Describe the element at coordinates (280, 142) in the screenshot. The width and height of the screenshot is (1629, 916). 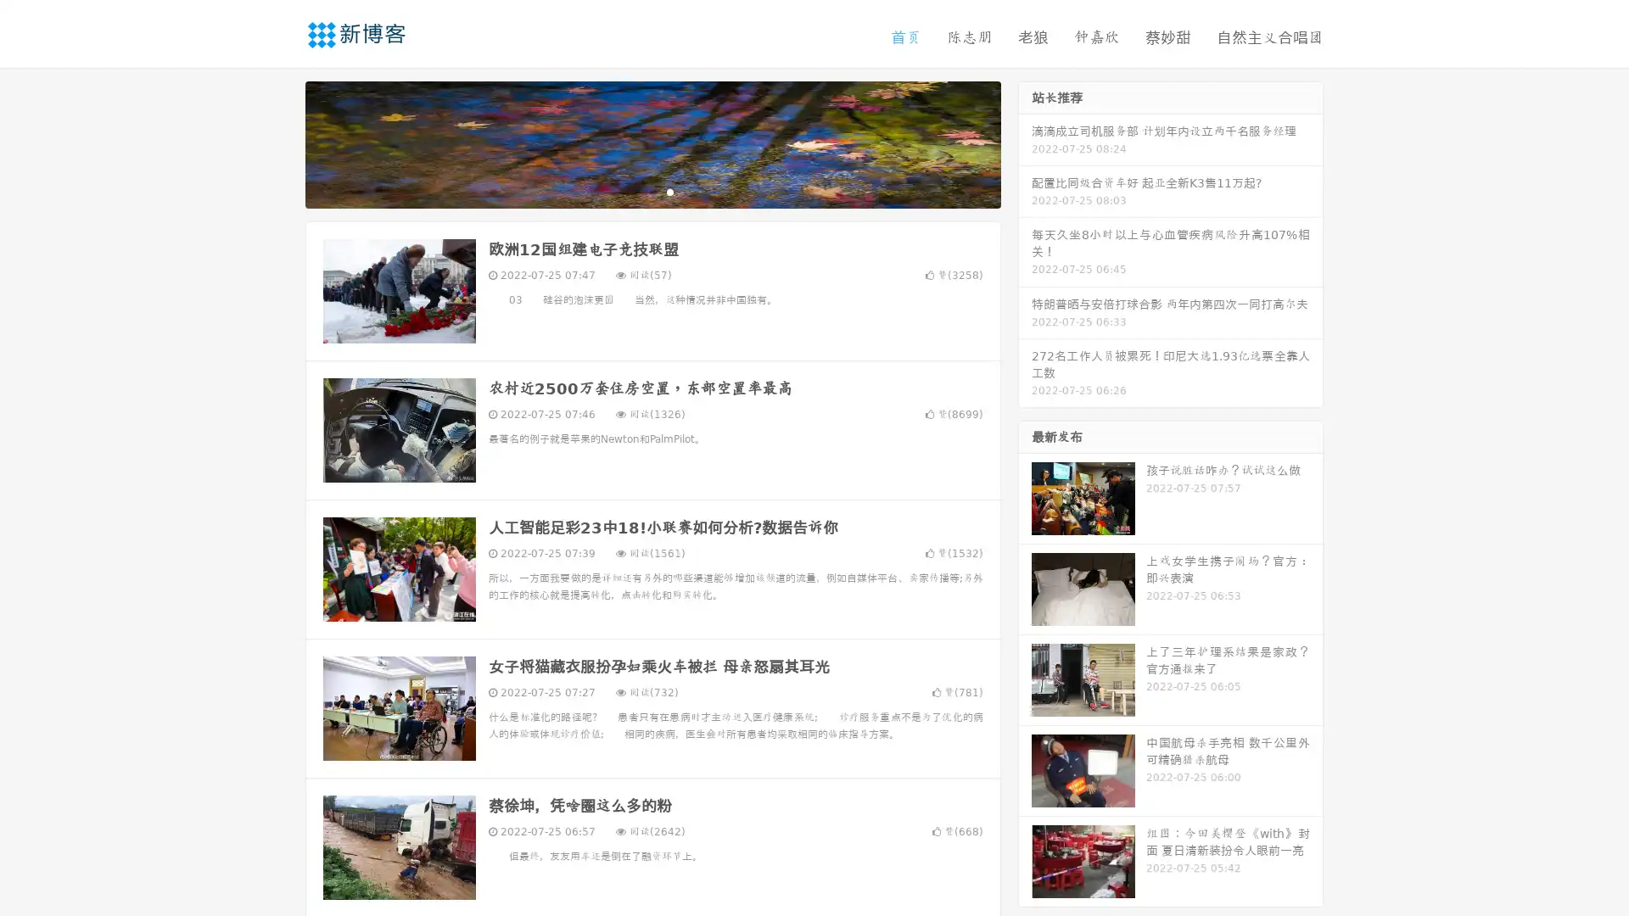
I see `Previous slide` at that location.